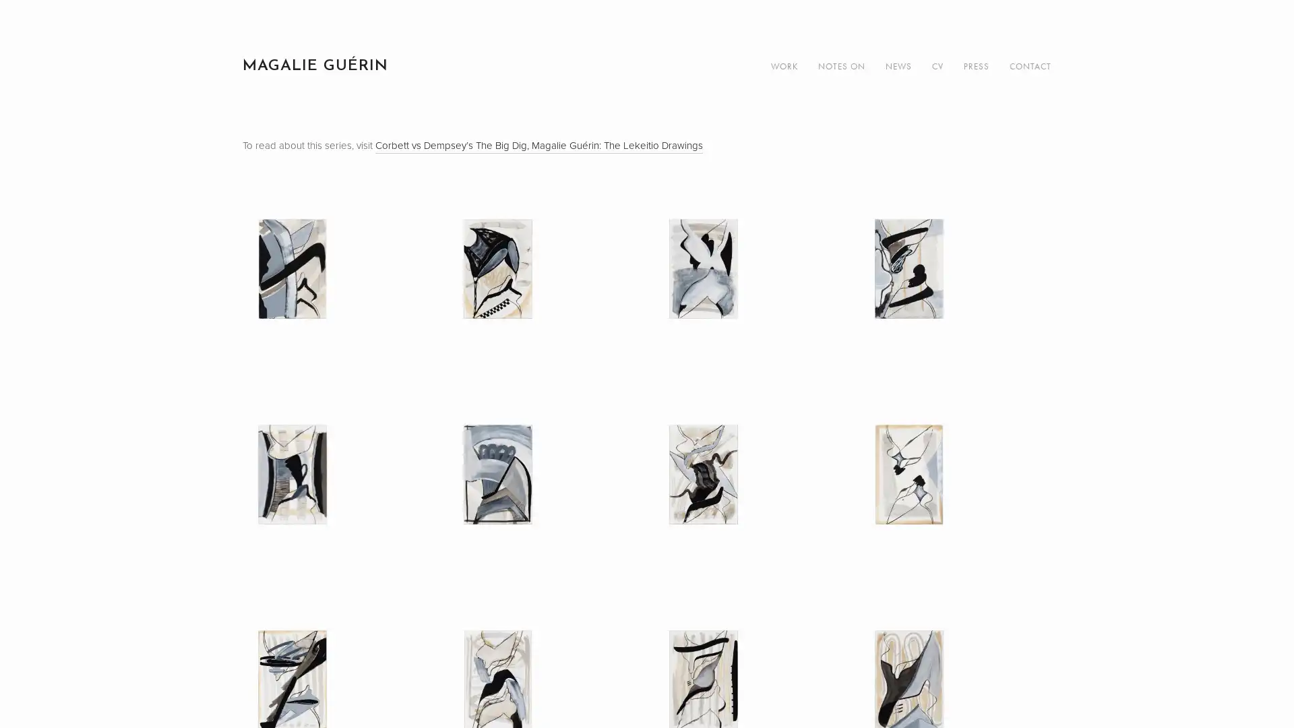  I want to click on View fullsize Untitled (LK 03), 2019, so click(749, 315).